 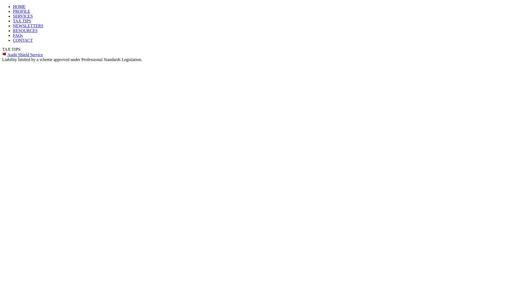 I want to click on 'SERVICES', so click(x=23, y=16).